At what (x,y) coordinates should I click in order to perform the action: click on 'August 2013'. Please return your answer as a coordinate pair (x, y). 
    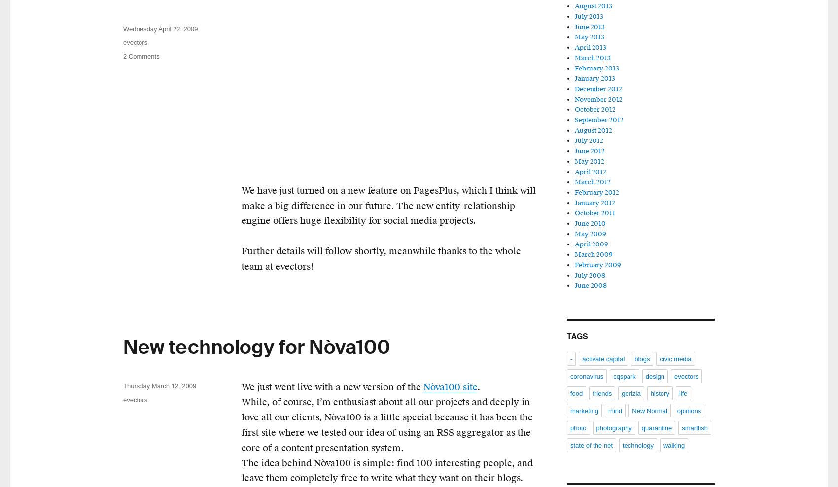
    Looking at the image, I should click on (593, 6).